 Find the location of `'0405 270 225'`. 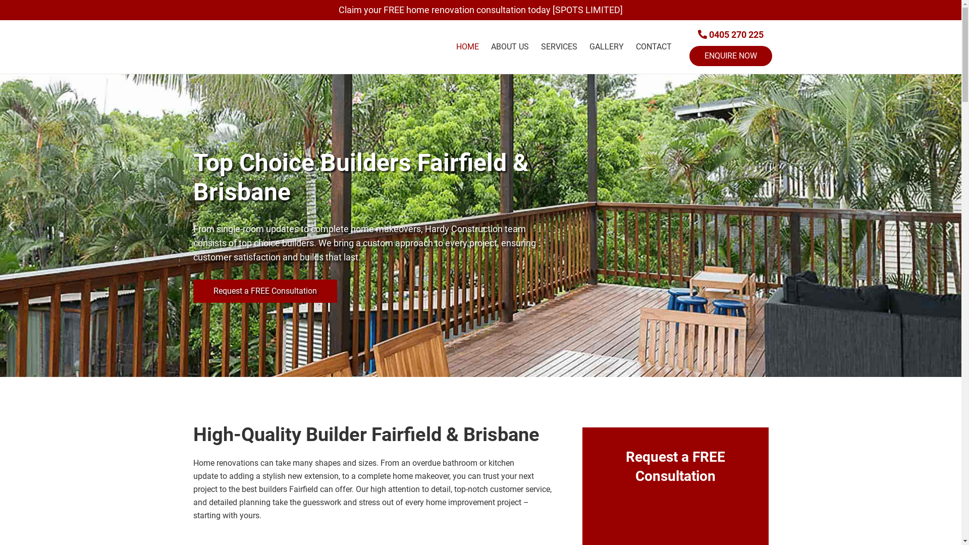

'0405 270 225' is located at coordinates (697, 34).